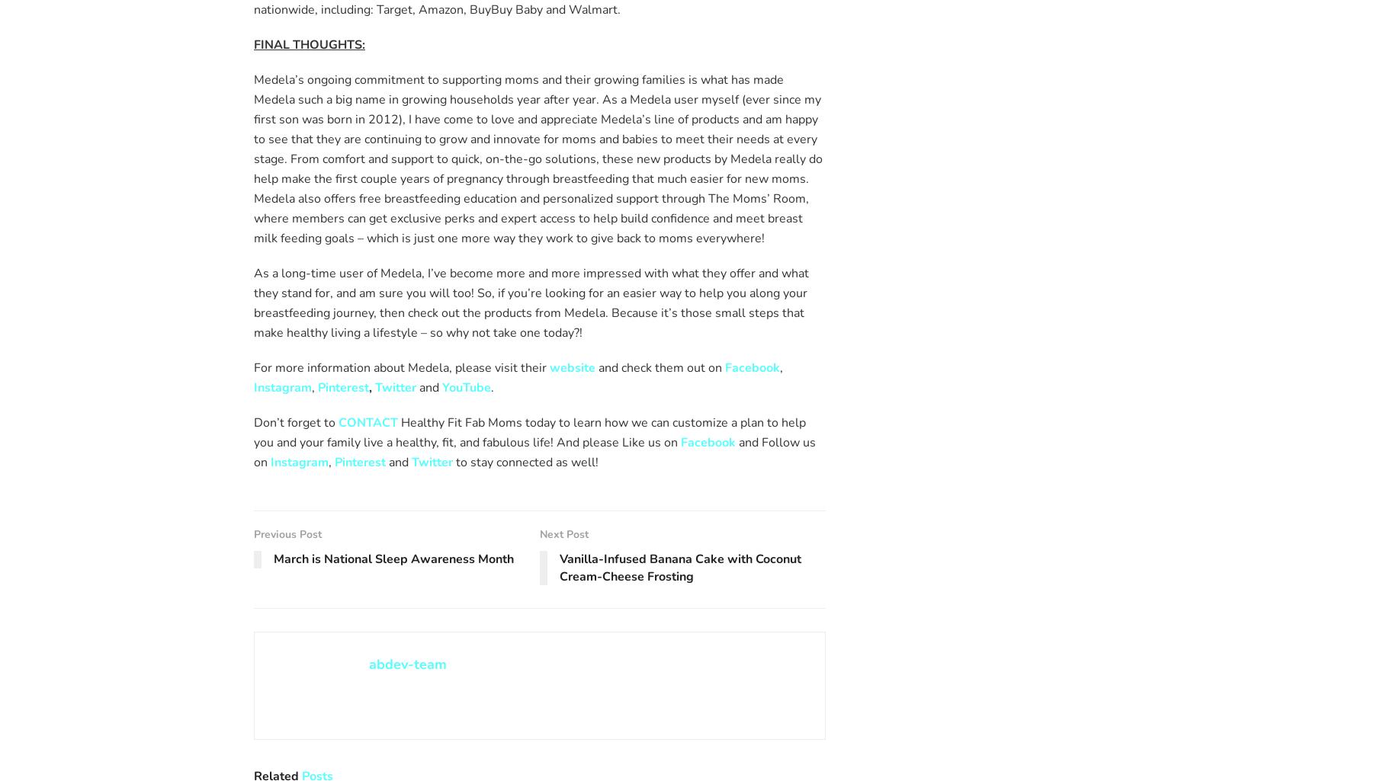  I want to click on '.', so click(492, 386).